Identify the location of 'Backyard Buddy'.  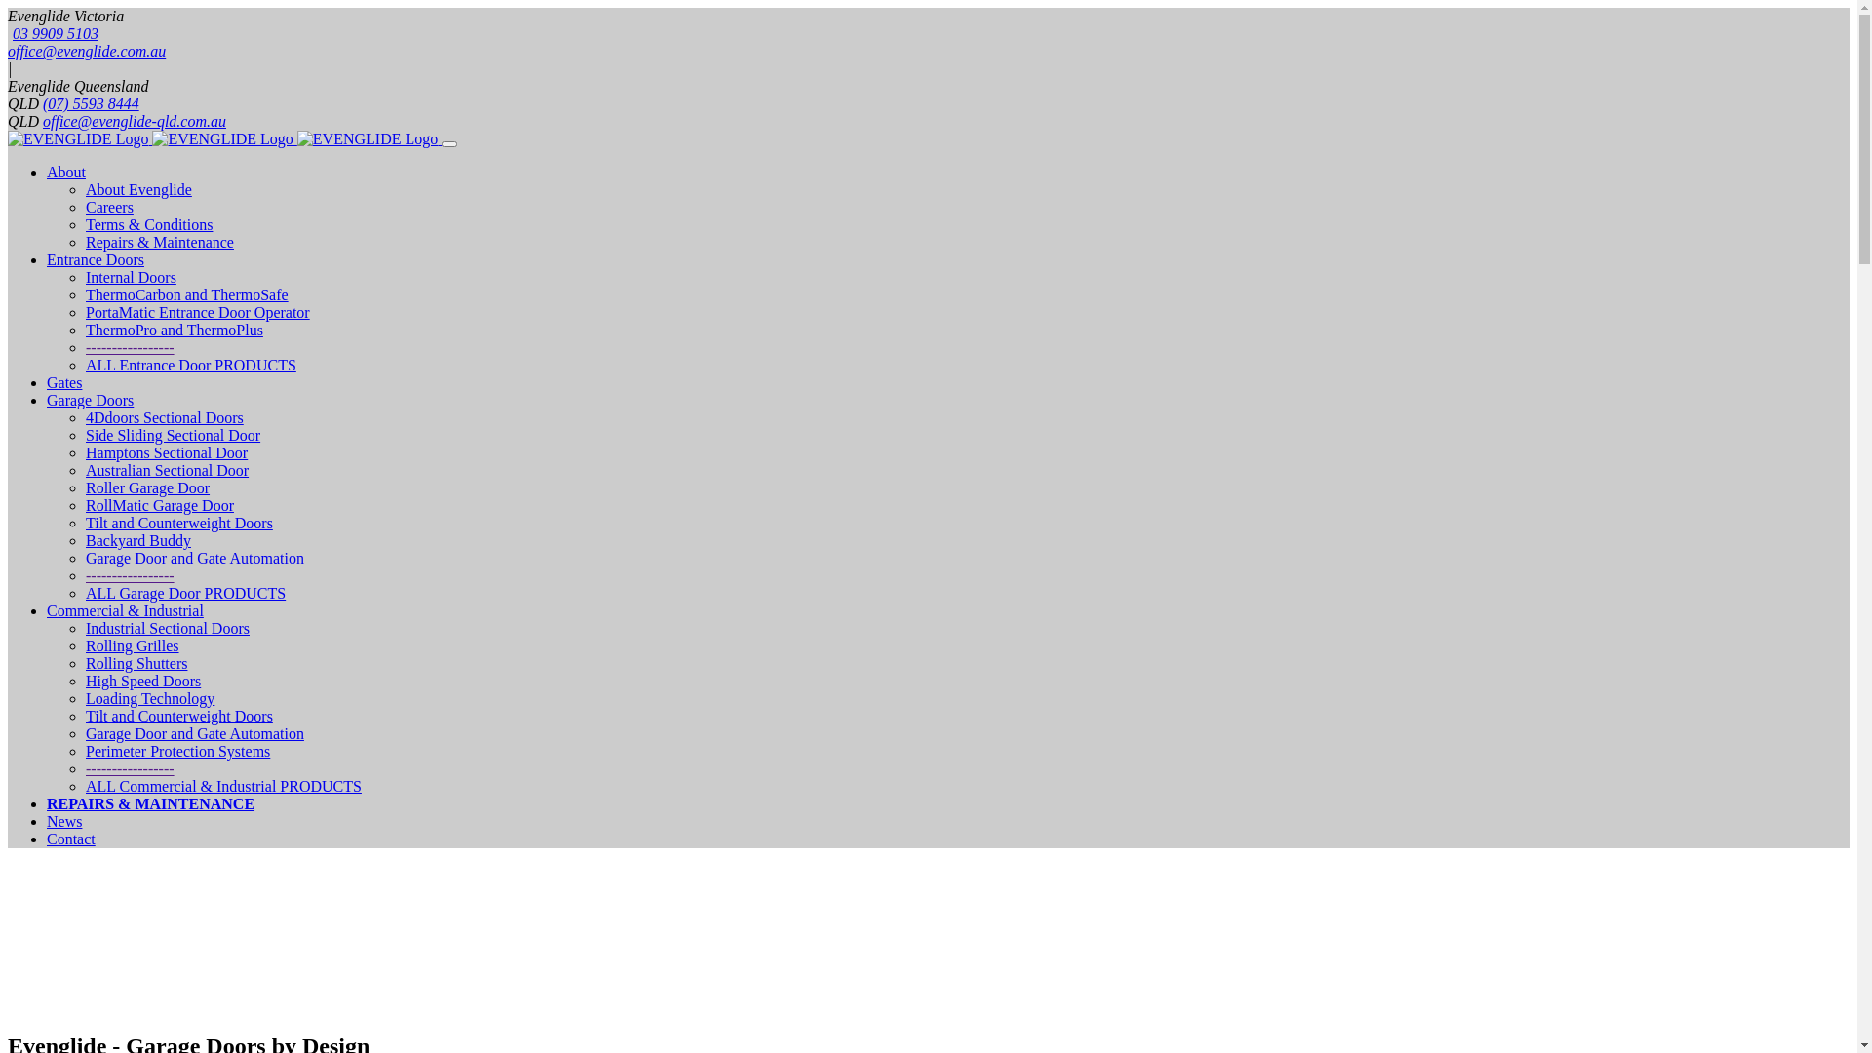
(137, 540).